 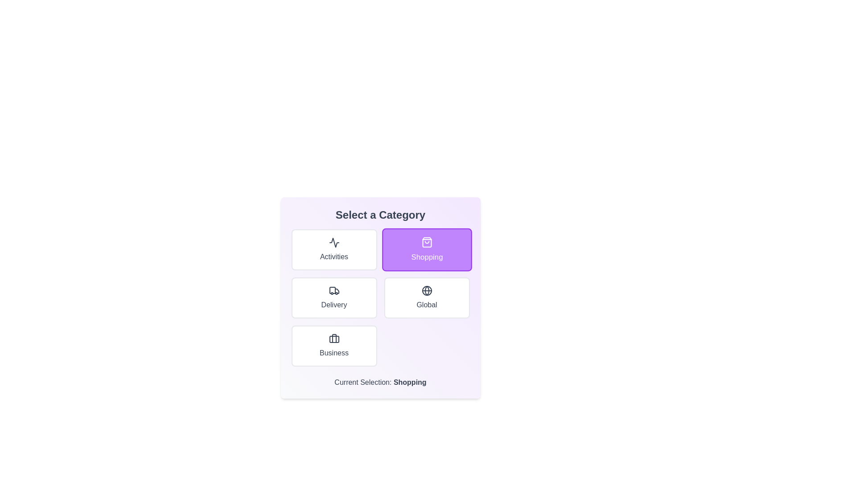 What do you see at coordinates (333, 345) in the screenshot?
I see `the button corresponding to the category Business` at bounding box center [333, 345].